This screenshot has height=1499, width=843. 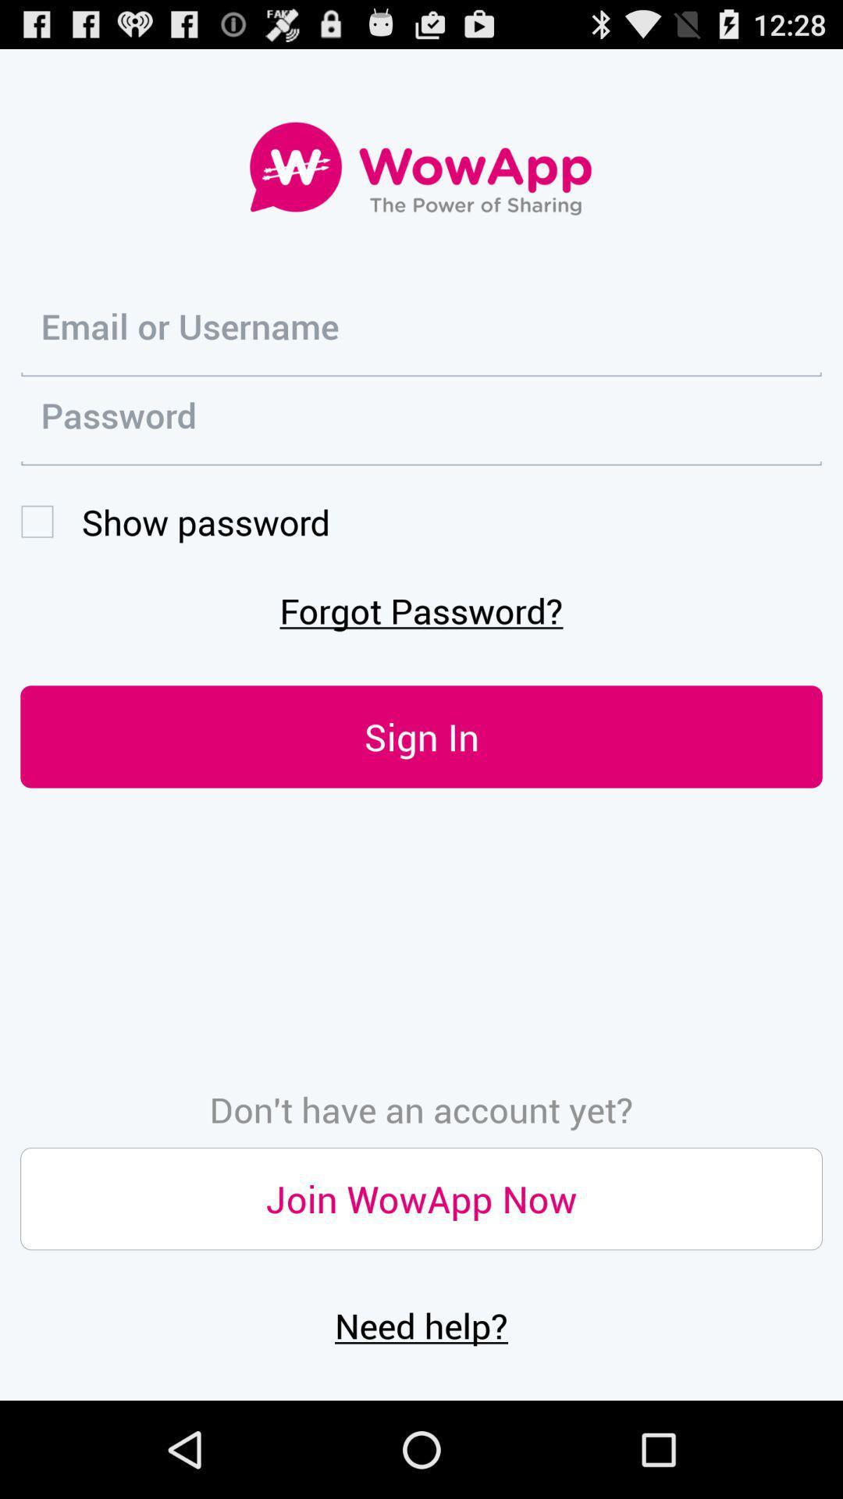 I want to click on the item above the don t have icon, so click(x=421, y=735).